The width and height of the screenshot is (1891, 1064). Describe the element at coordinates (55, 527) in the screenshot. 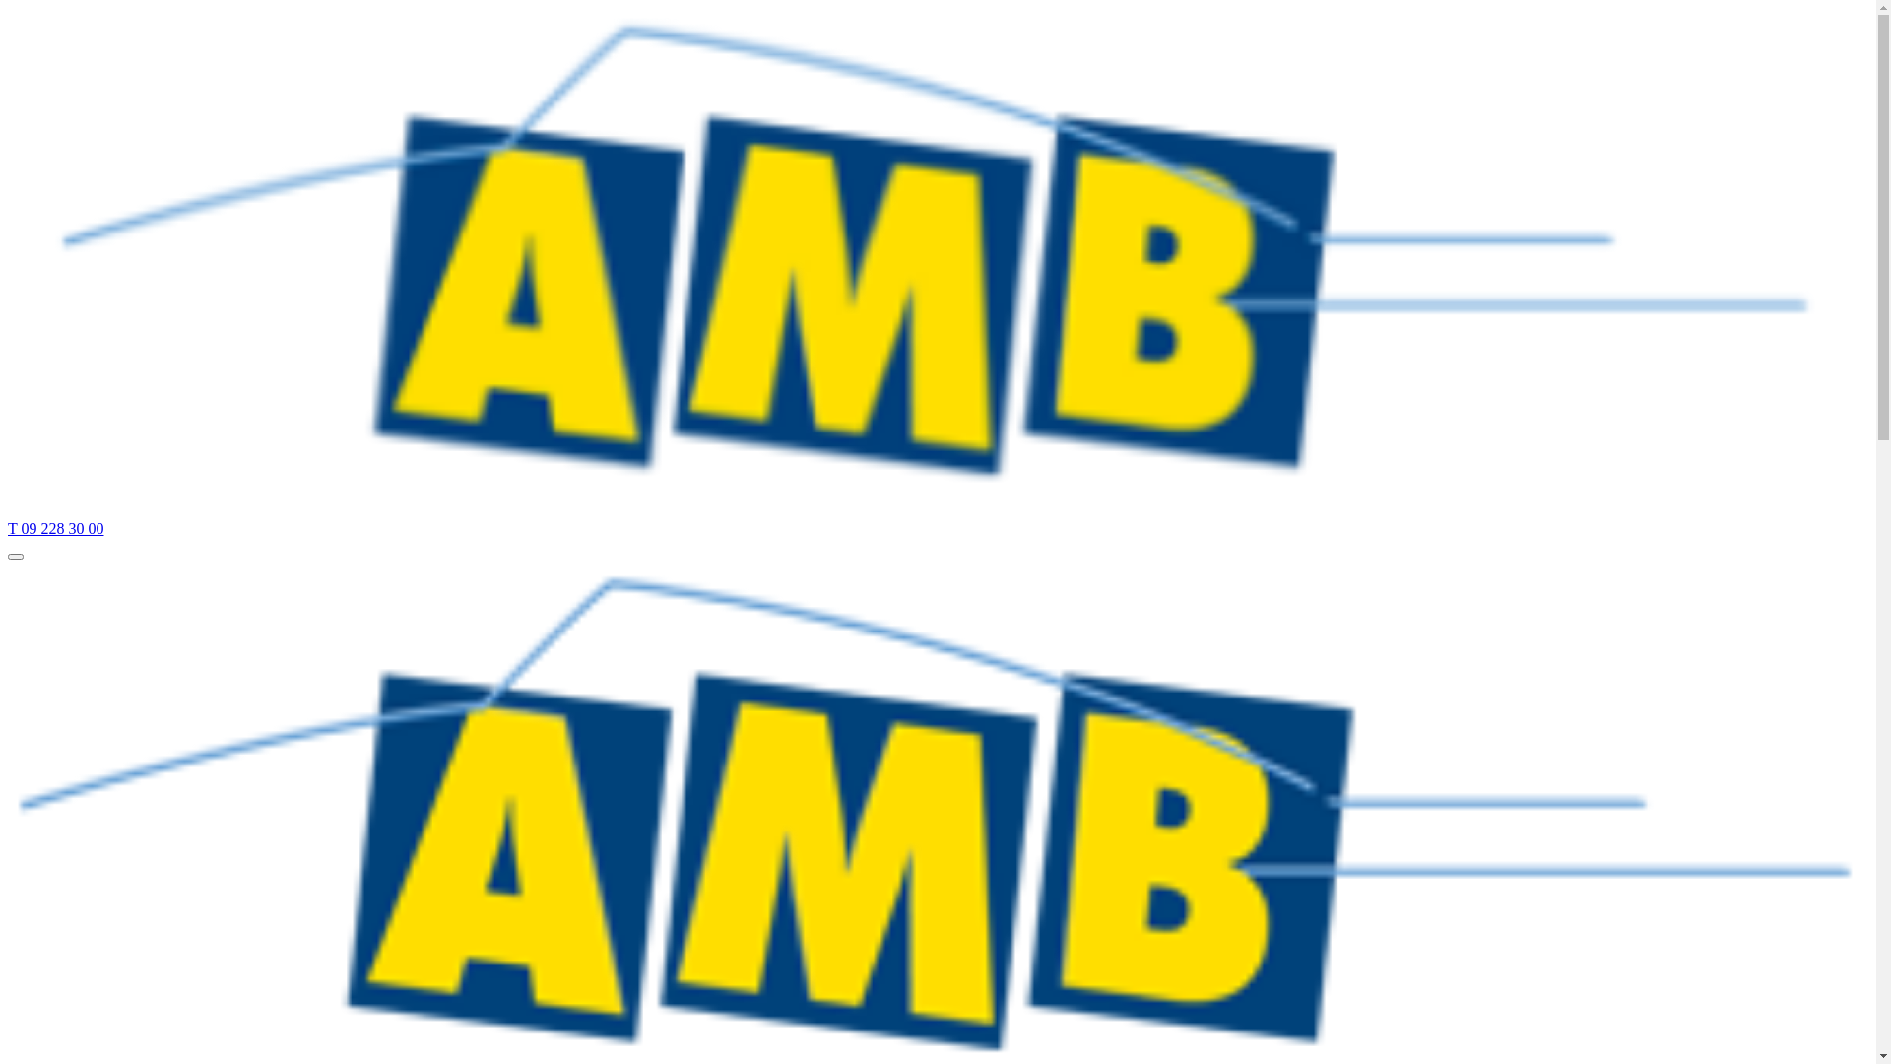

I see `'T 09 228 30 00'` at that location.